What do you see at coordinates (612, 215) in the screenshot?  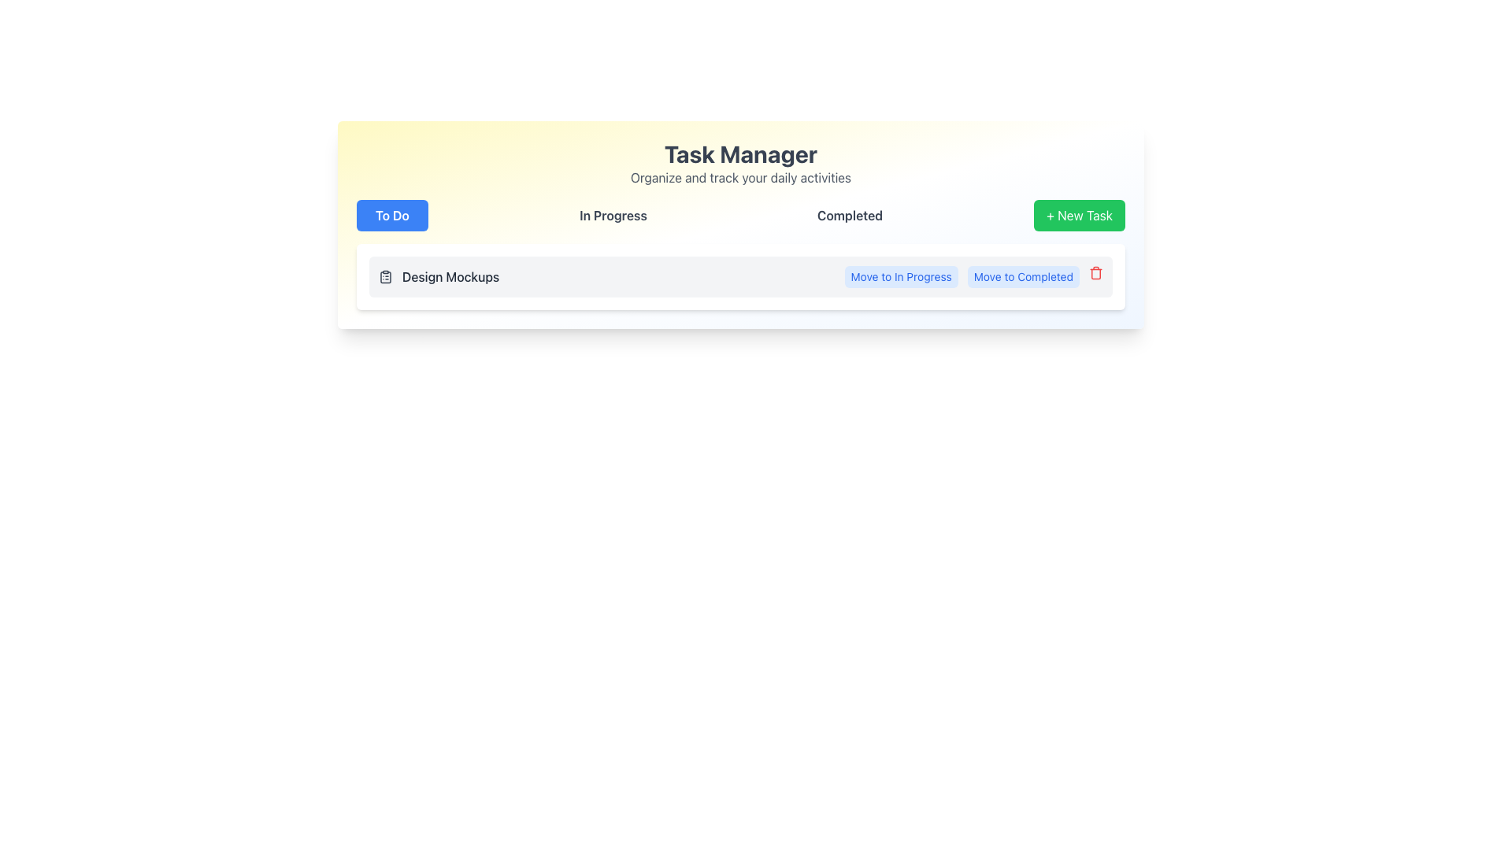 I see `the interactive button used to filter or display tasks that are currently in progress, located under the 'Task Manager' title, between 'To Do' and 'Completed'` at bounding box center [612, 215].